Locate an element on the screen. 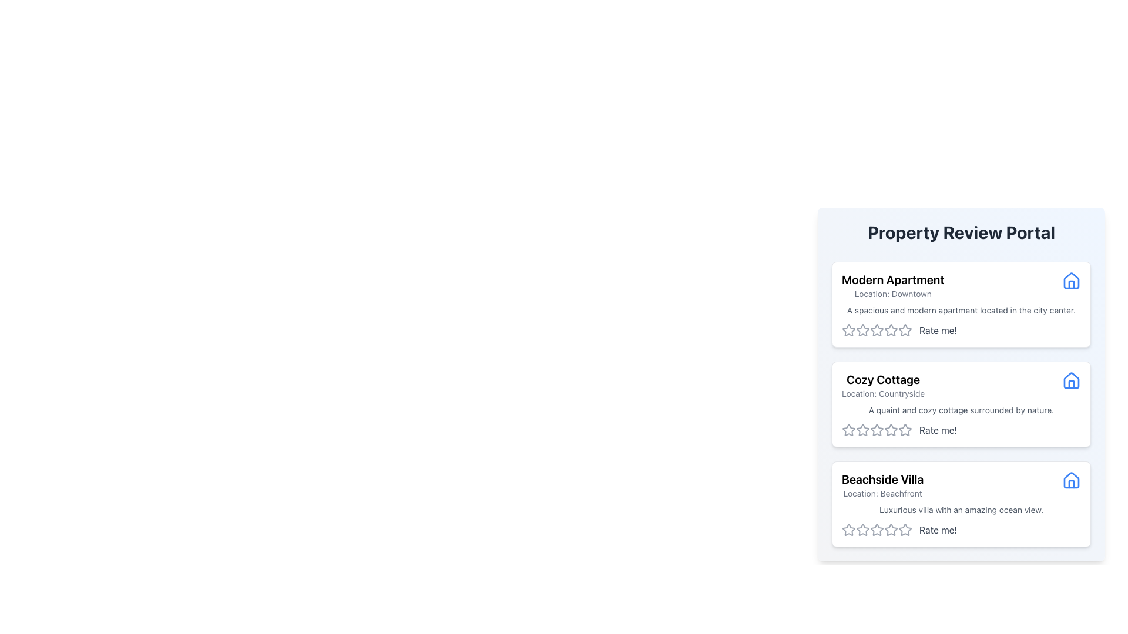  the text label indicating user interaction for the rating system adjacent to the stars in the 'Modern Apartment' property description card is located at coordinates (938, 331).